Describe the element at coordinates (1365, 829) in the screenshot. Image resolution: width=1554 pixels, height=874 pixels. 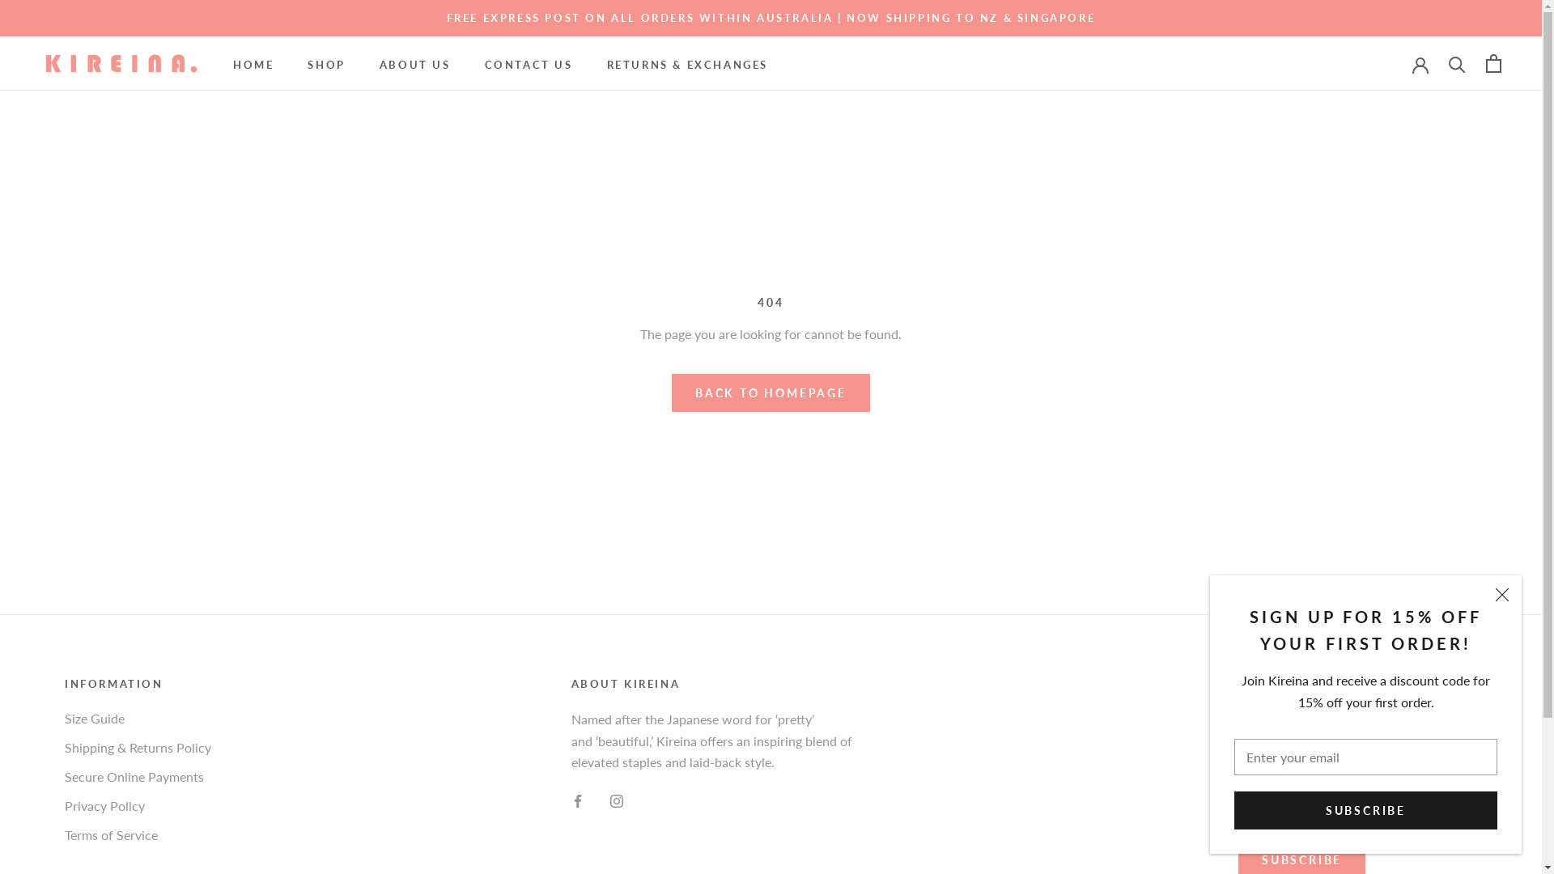
I see `'SUBSCRIBE'` at that location.